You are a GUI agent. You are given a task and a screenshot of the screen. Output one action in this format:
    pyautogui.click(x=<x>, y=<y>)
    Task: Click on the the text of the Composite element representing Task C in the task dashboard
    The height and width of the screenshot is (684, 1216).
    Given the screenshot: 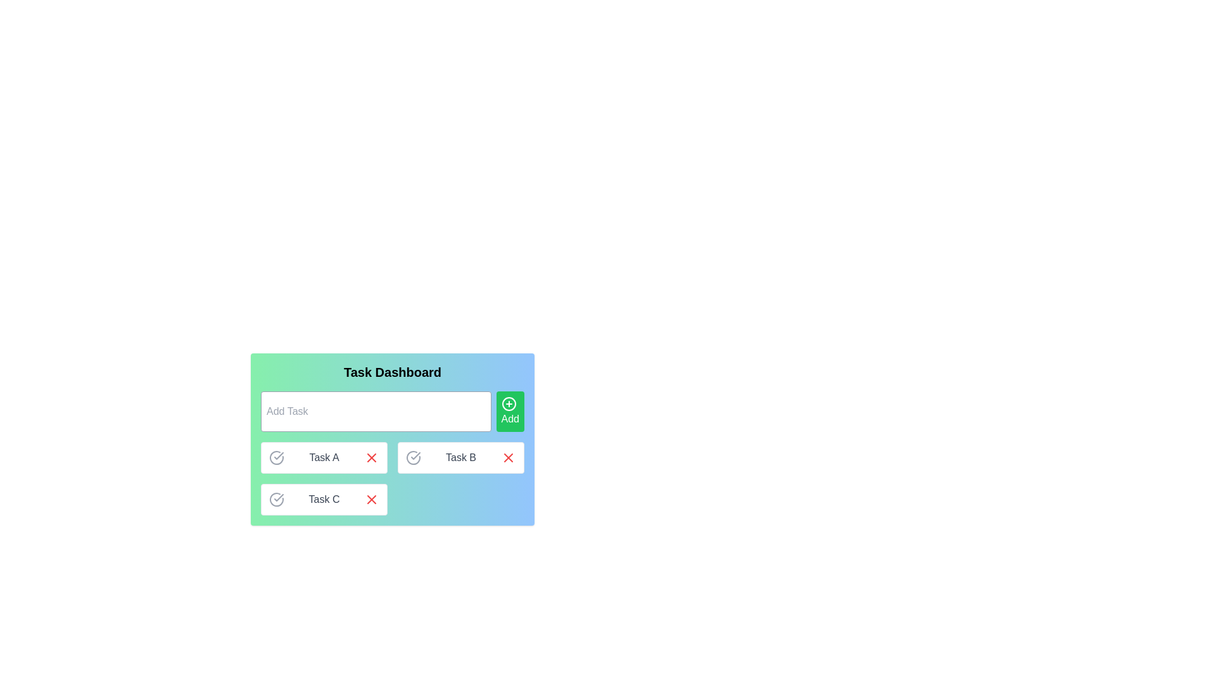 What is the action you would take?
    pyautogui.click(x=324, y=499)
    